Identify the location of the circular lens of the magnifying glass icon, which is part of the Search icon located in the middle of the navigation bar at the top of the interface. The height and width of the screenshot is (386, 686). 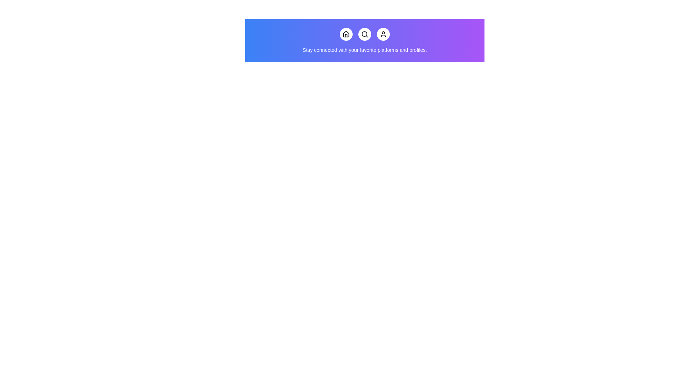
(364, 34).